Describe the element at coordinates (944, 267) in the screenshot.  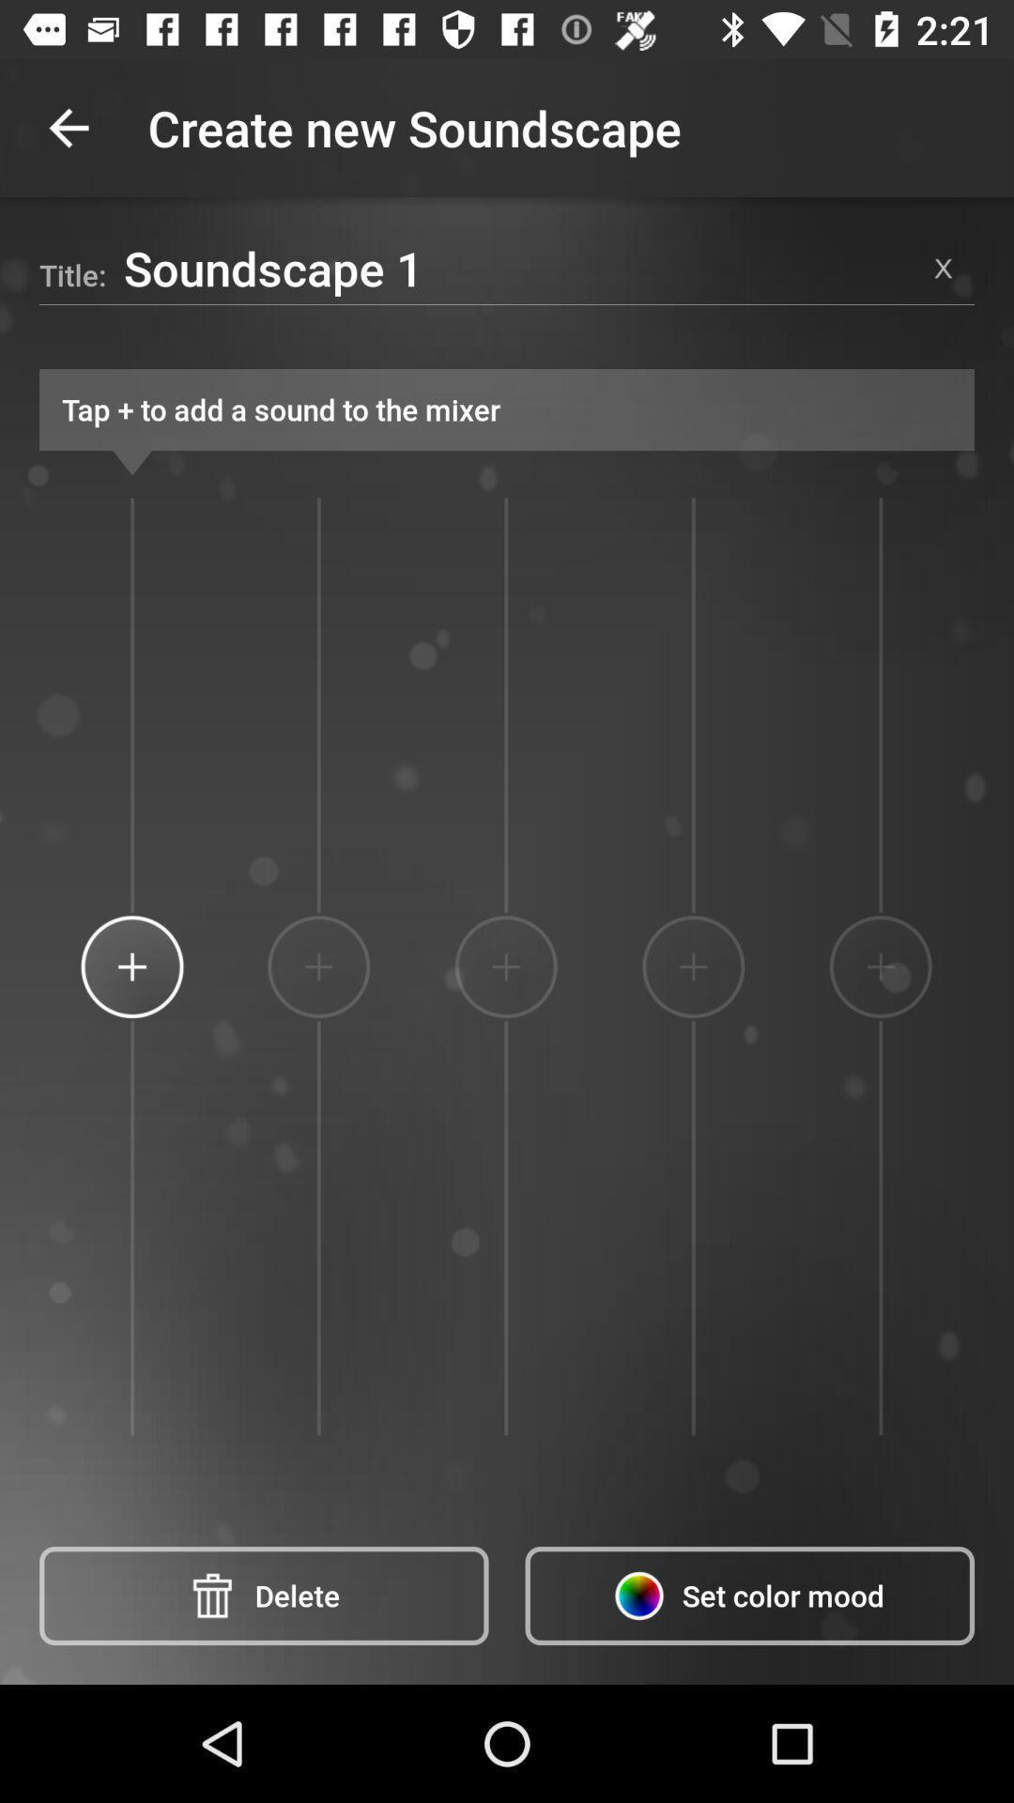
I see `the close icon` at that location.